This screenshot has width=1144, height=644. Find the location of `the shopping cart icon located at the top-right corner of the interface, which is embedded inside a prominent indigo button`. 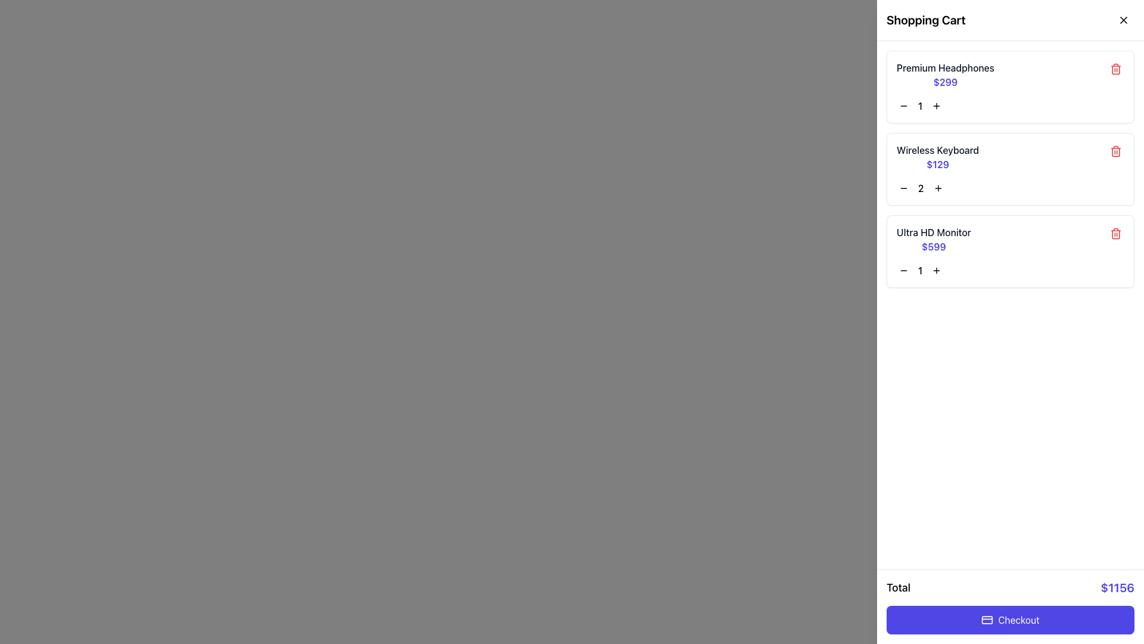

the shopping cart icon located at the top-right corner of the interface, which is embedded inside a prominent indigo button is located at coordinates (1121, 21).